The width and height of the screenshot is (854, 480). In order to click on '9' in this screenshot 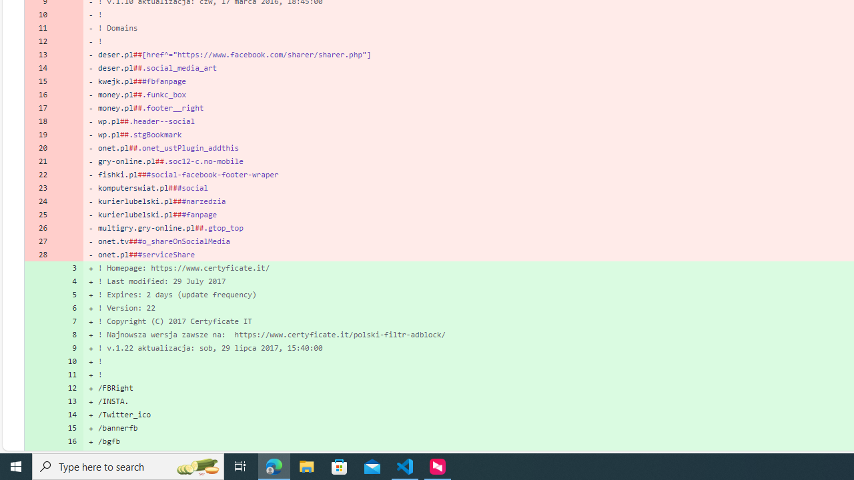, I will do `click(68, 347)`.